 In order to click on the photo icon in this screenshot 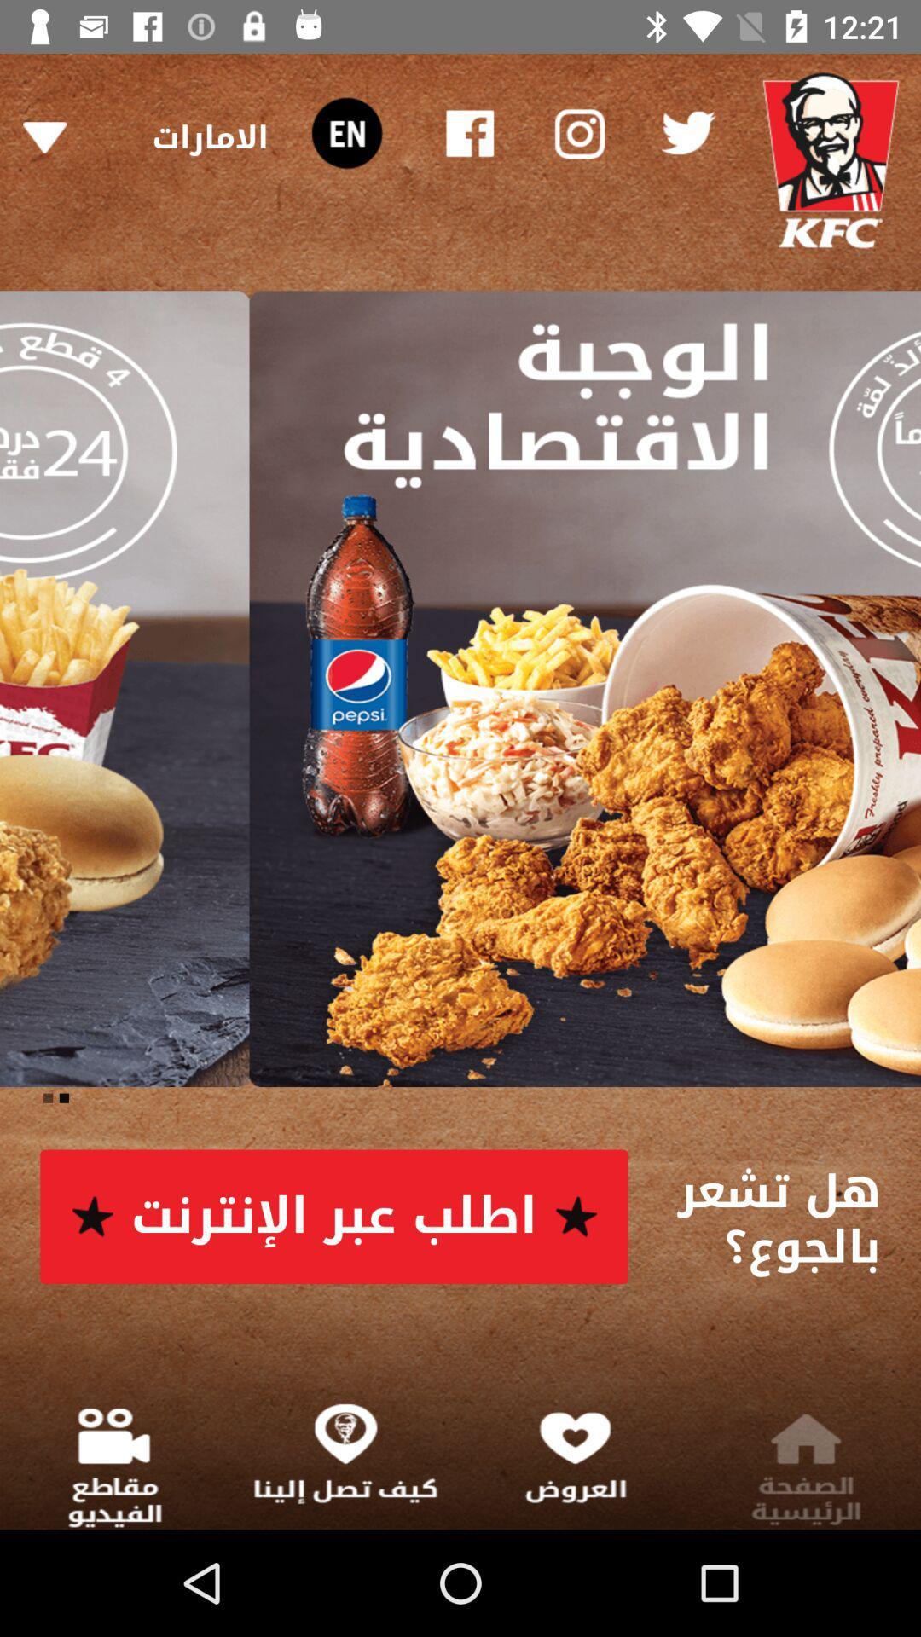, I will do `click(577, 132)`.